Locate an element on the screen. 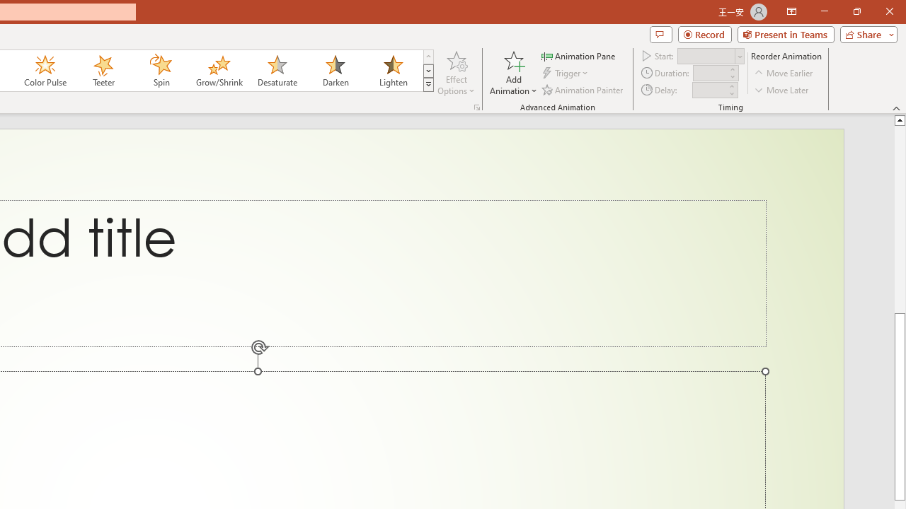 This screenshot has height=509, width=906. 'Darken' is located at coordinates (334, 71).